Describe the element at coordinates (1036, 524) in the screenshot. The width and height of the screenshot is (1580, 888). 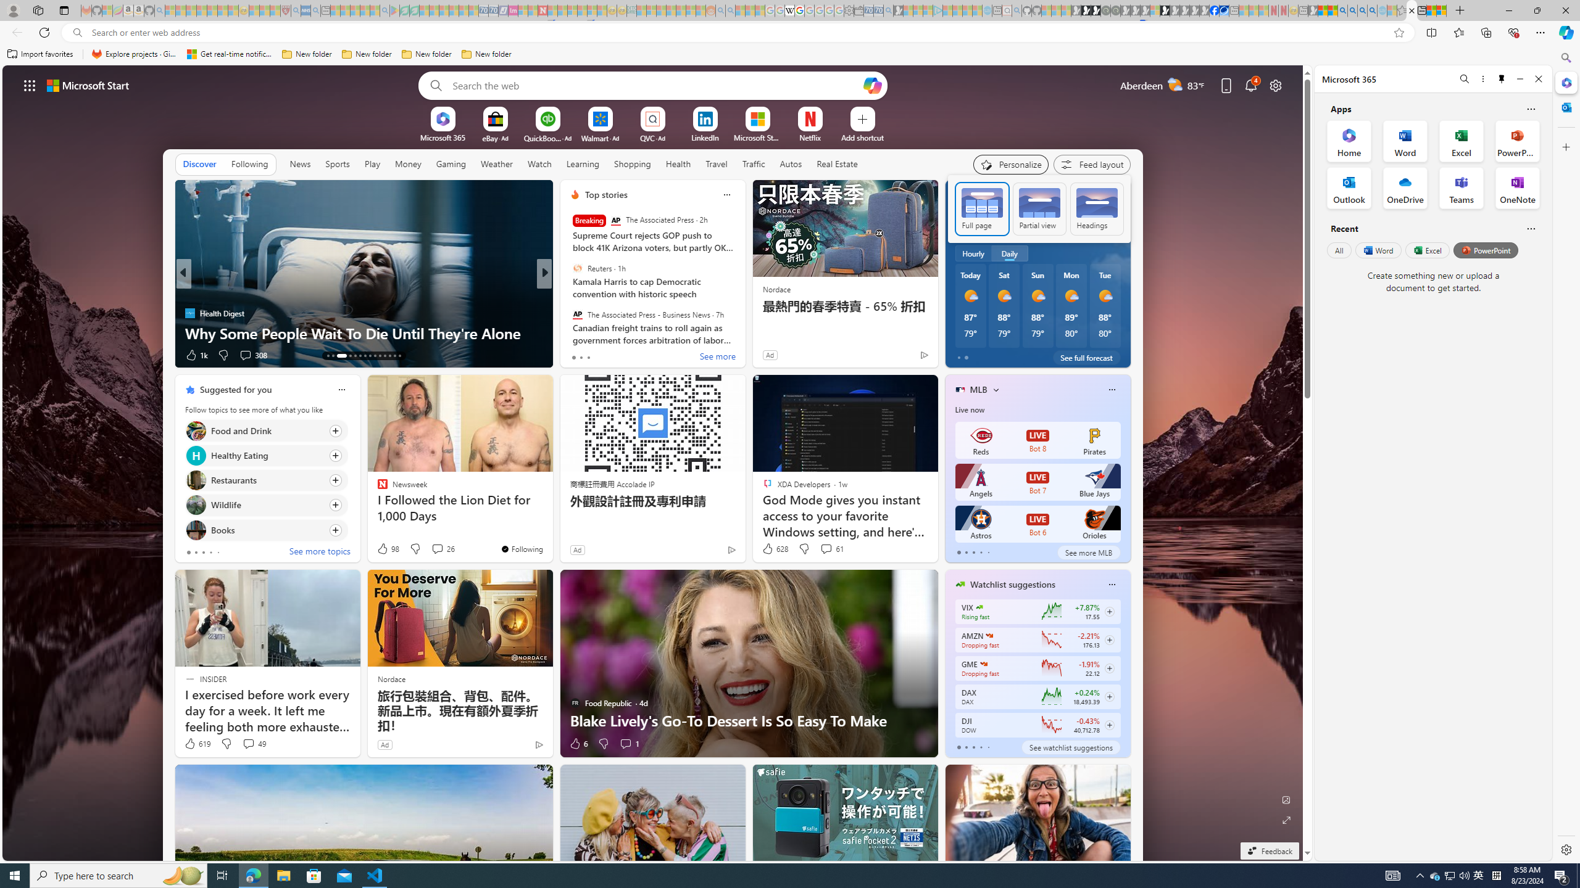
I see `'Astros LIVE Bot 6 Orioles'` at that location.